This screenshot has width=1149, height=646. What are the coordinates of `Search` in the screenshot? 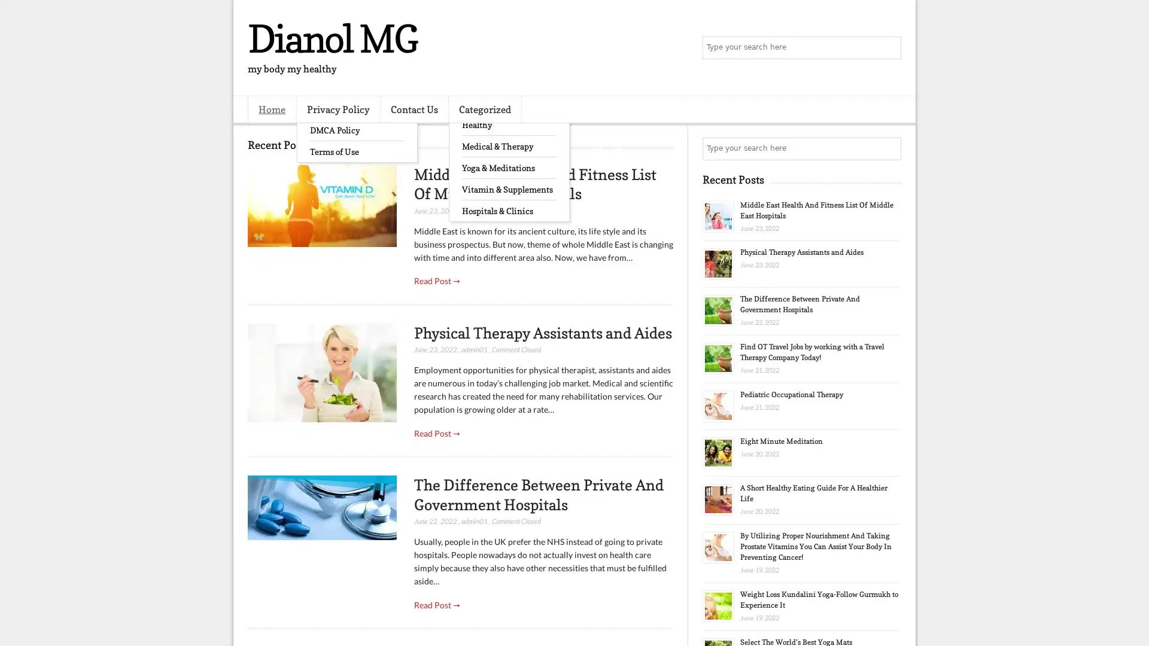 It's located at (889, 48).